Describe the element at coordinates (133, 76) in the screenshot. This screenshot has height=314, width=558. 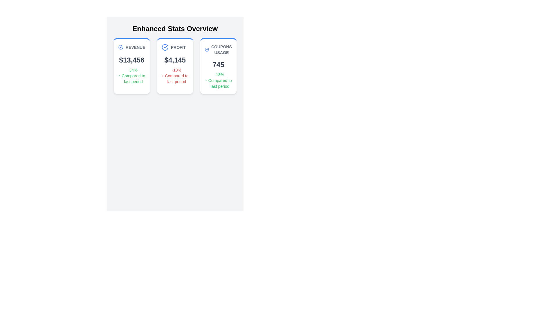
I see `percentage change text (34%) displayed in the revenue card located below the upward arrow icon and above the monetary value ($13,456)` at that location.